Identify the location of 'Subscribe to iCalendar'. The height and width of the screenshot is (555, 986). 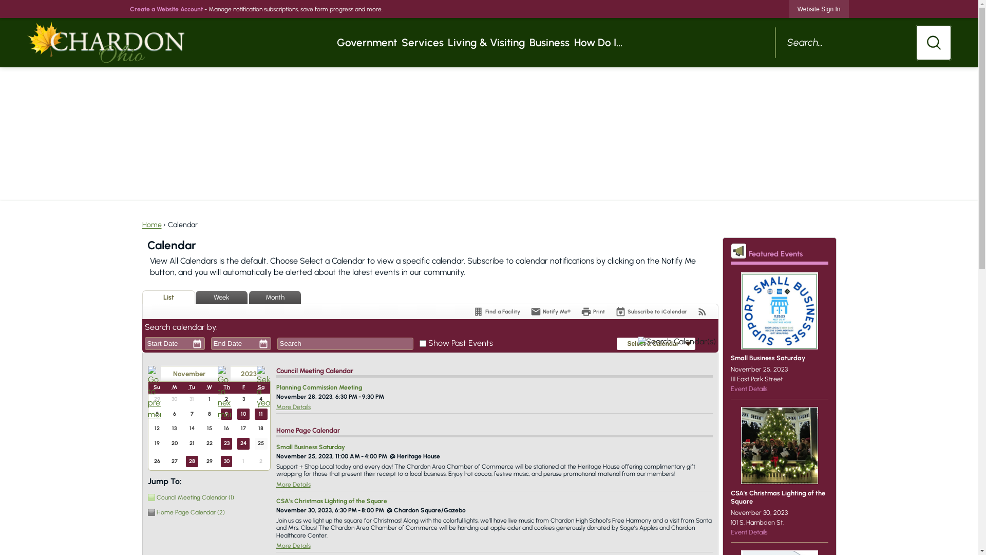
(650, 311).